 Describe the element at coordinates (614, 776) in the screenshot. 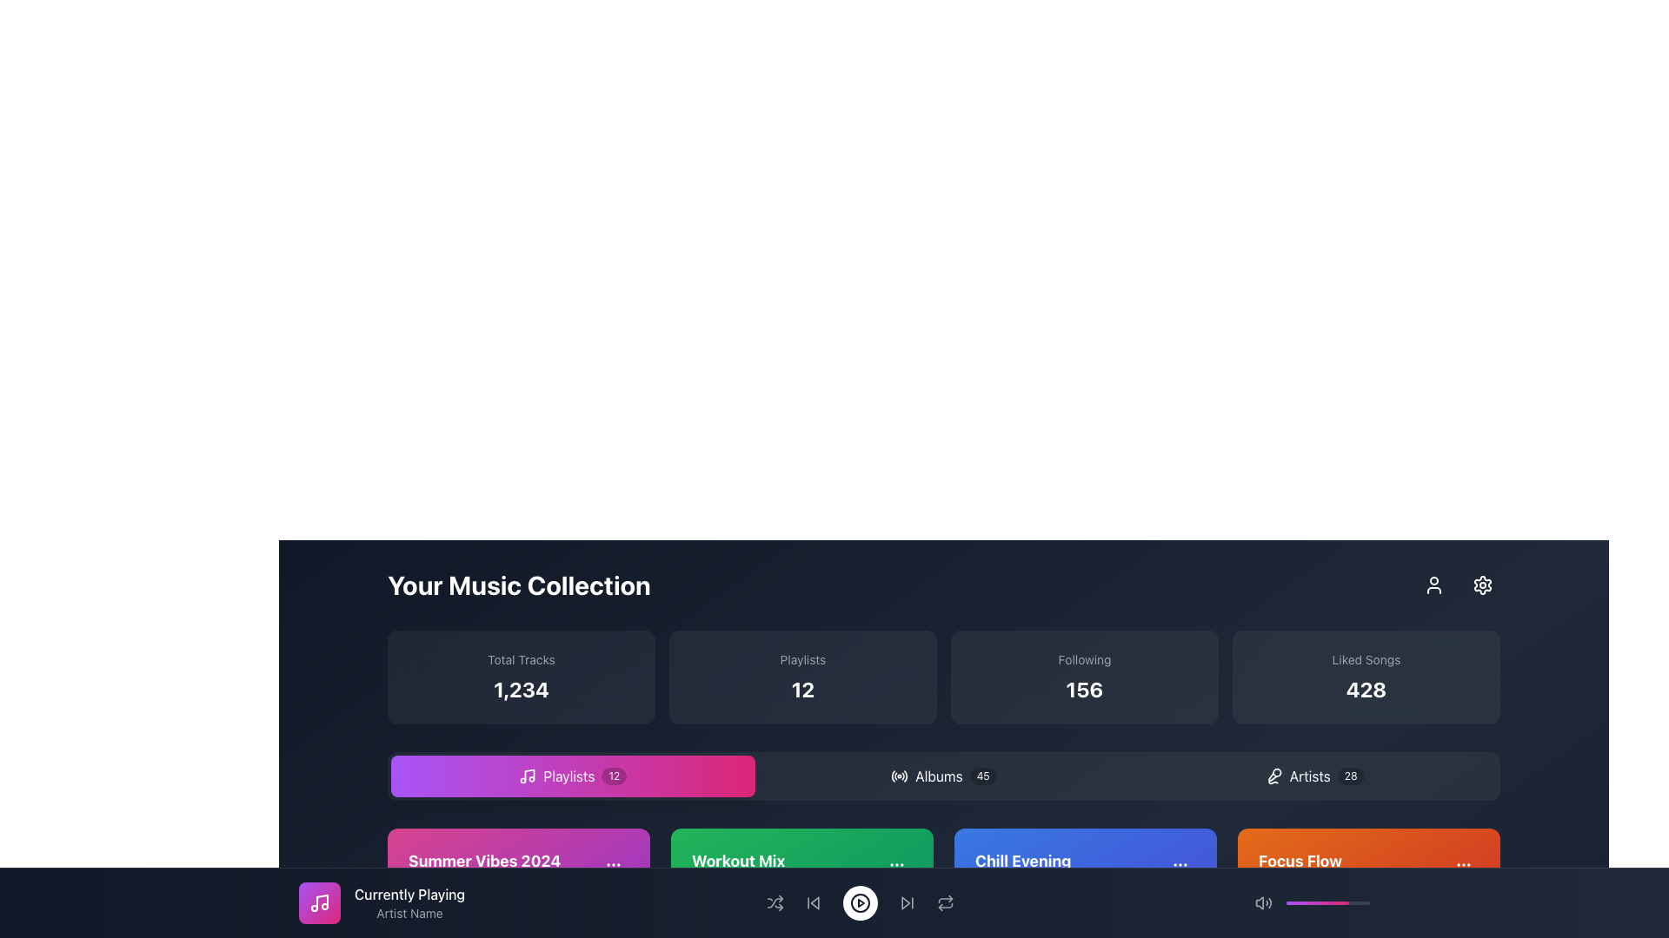

I see `the Display badge indicating the count of playlists, which currently shows '12', located to the right of the 'Playlists' button` at that location.